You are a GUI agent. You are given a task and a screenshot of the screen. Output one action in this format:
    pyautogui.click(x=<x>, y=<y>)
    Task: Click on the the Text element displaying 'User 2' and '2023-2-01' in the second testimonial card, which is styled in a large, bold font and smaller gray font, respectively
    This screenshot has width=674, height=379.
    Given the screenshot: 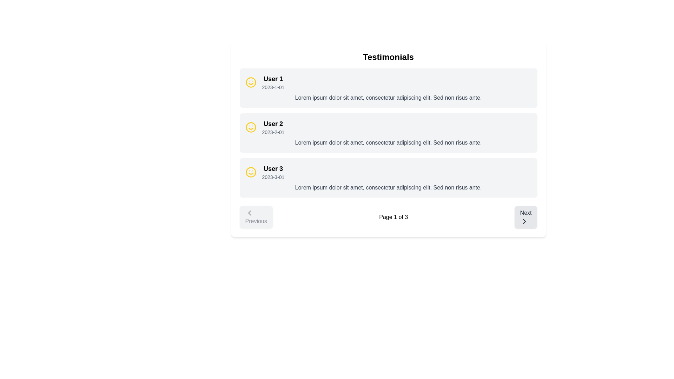 What is the action you would take?
    pyautogui.click(x=273, y=127)
    